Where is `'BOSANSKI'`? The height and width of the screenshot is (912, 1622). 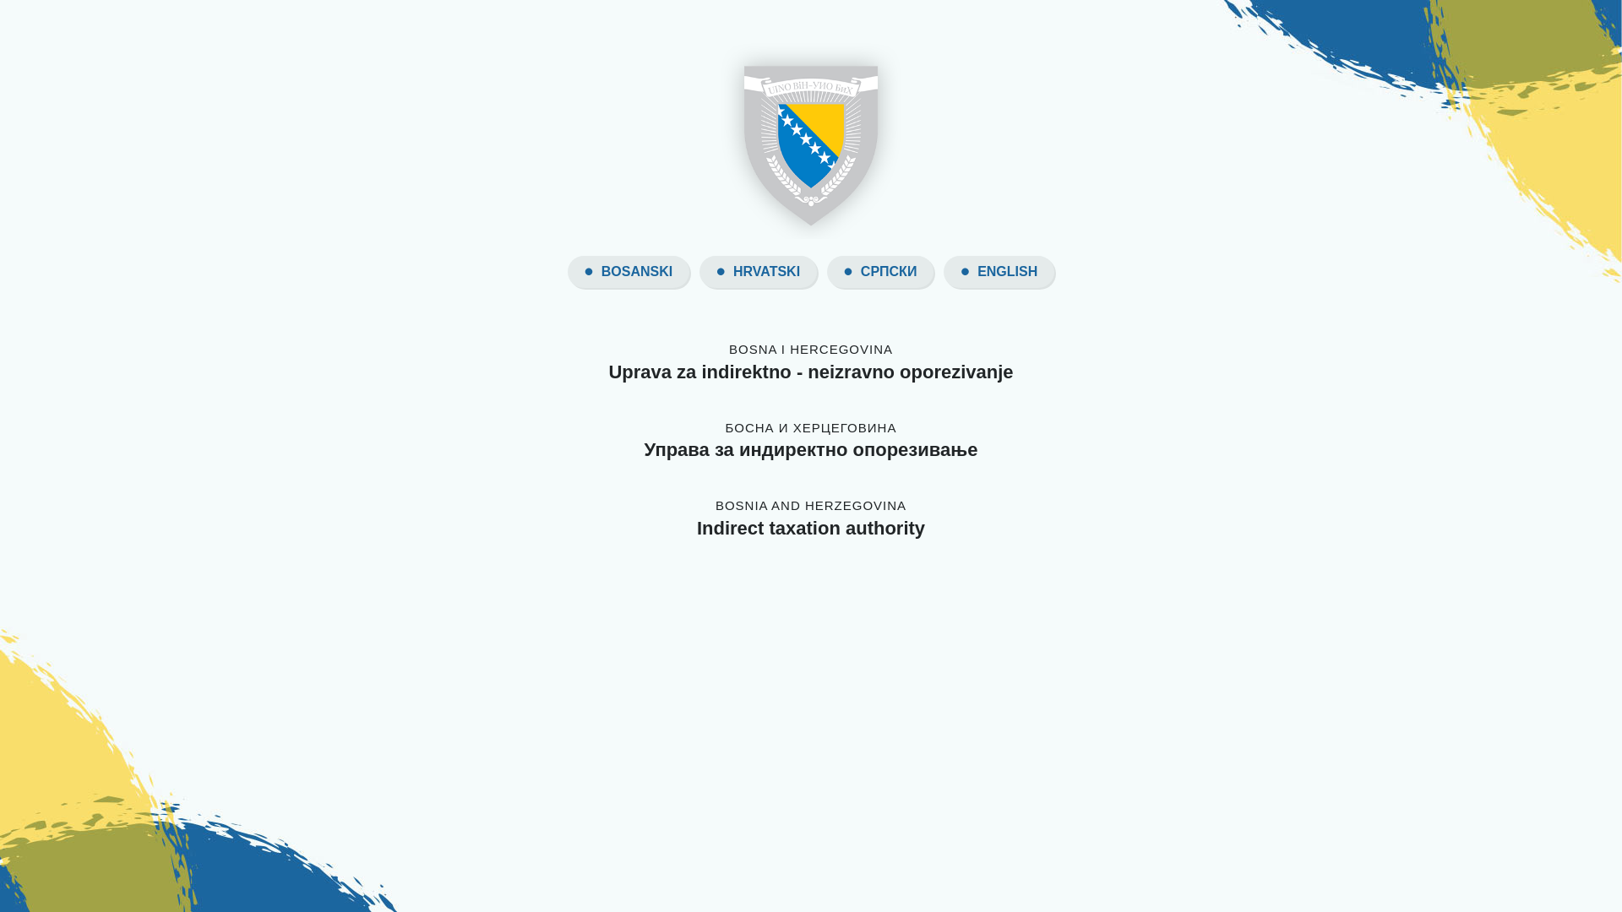 'BOSANSKI' is located at coordinates (635, 270).